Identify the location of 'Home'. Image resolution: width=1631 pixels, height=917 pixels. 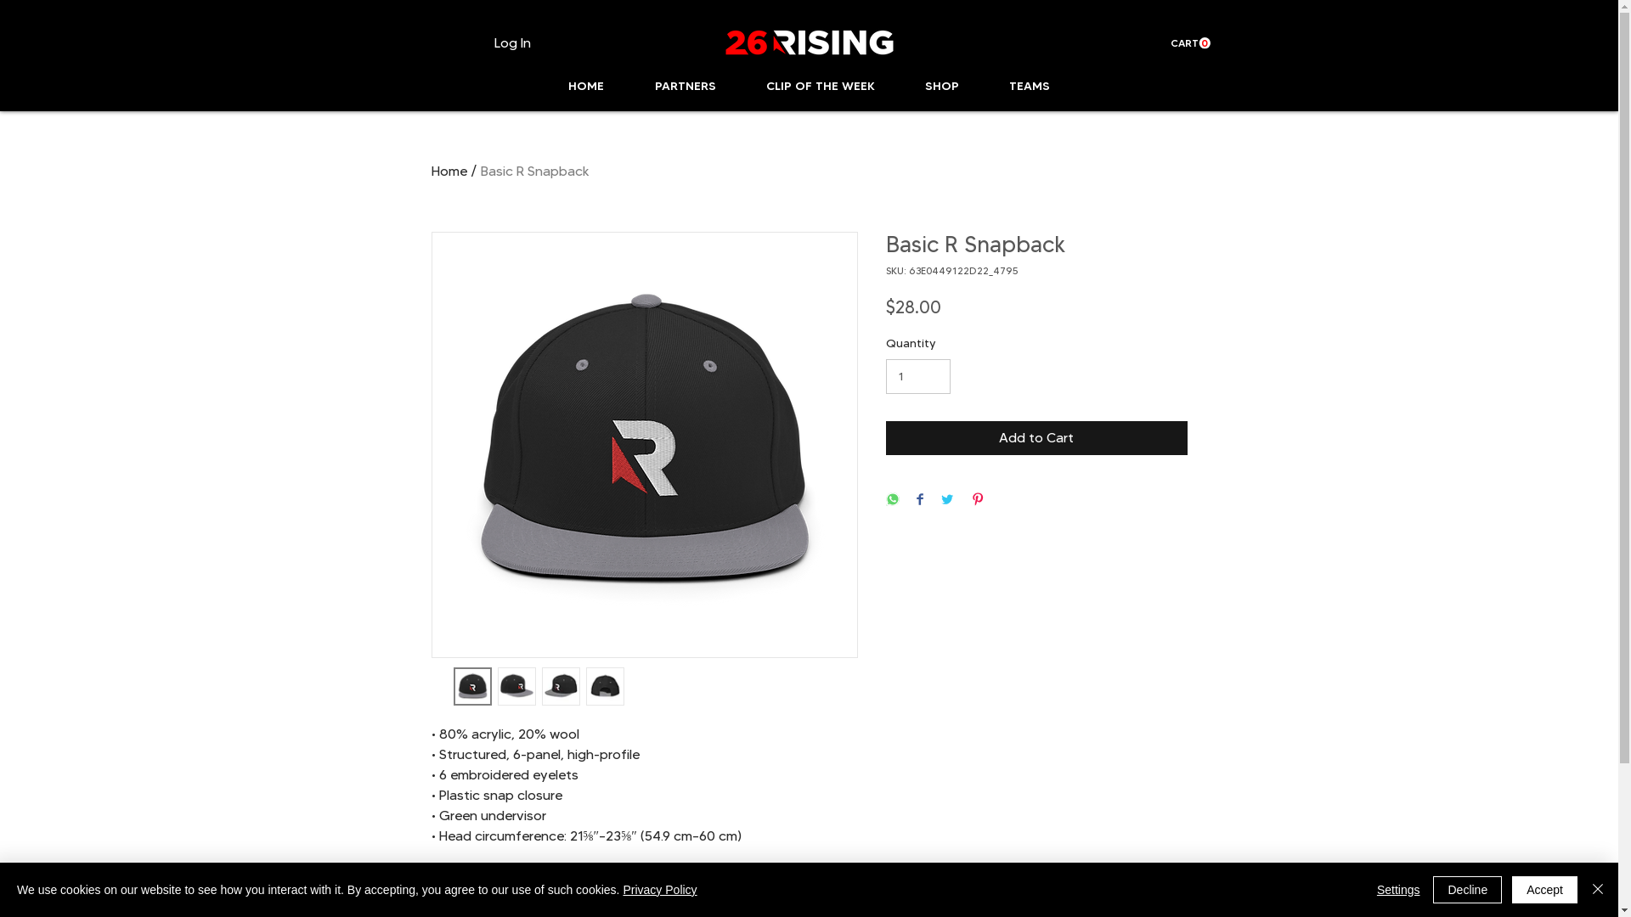
(449, 171).